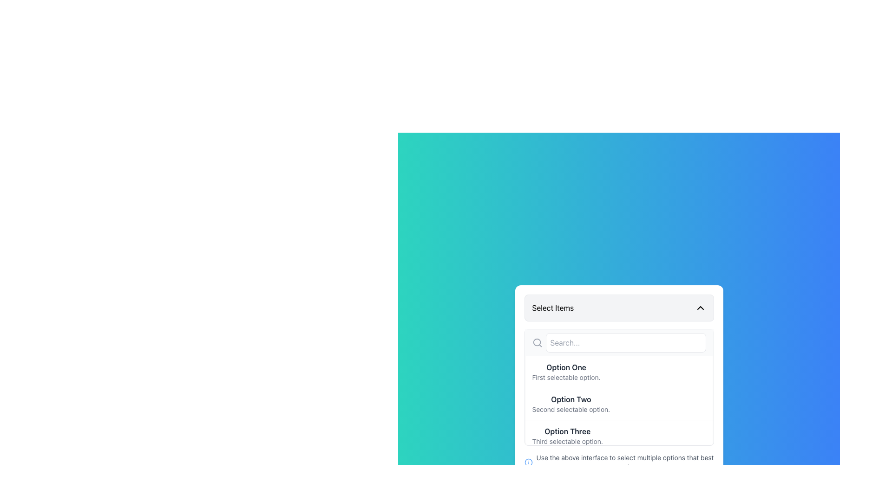 This screenshot has width=892, height=501. I want to click on the outermost SVG Circle of the information icon located in the bottom right quadrant, which serves as a decorative part of the icon, so click(528, 462).